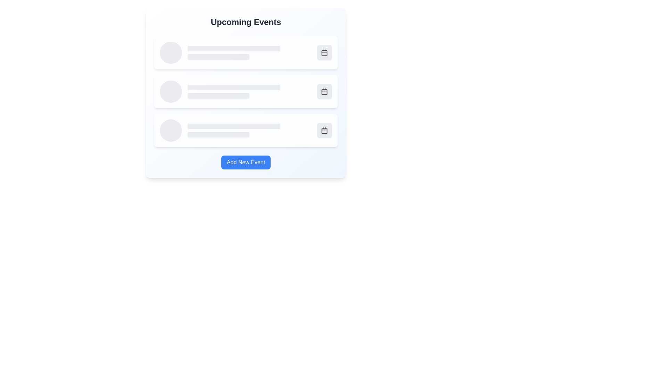  I want to click on the calendar icon with a rounded border and rectangular shape located in the third row, so click(324, 91).